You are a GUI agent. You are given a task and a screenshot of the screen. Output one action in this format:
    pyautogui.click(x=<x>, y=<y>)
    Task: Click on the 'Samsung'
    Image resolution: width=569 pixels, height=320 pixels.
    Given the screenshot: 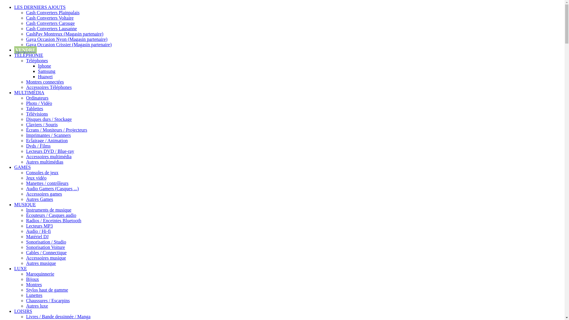 What is the action you would take?
    pyautogui.click(x=46, y=71)
    